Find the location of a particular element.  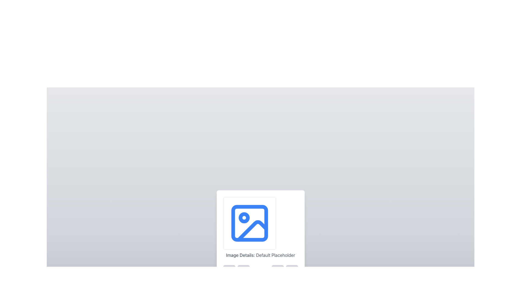

the zoom-in button located in the bottom-left corner of the group below the 'Image Details: Default Placeholder' image is located at coordinates (229, 270).